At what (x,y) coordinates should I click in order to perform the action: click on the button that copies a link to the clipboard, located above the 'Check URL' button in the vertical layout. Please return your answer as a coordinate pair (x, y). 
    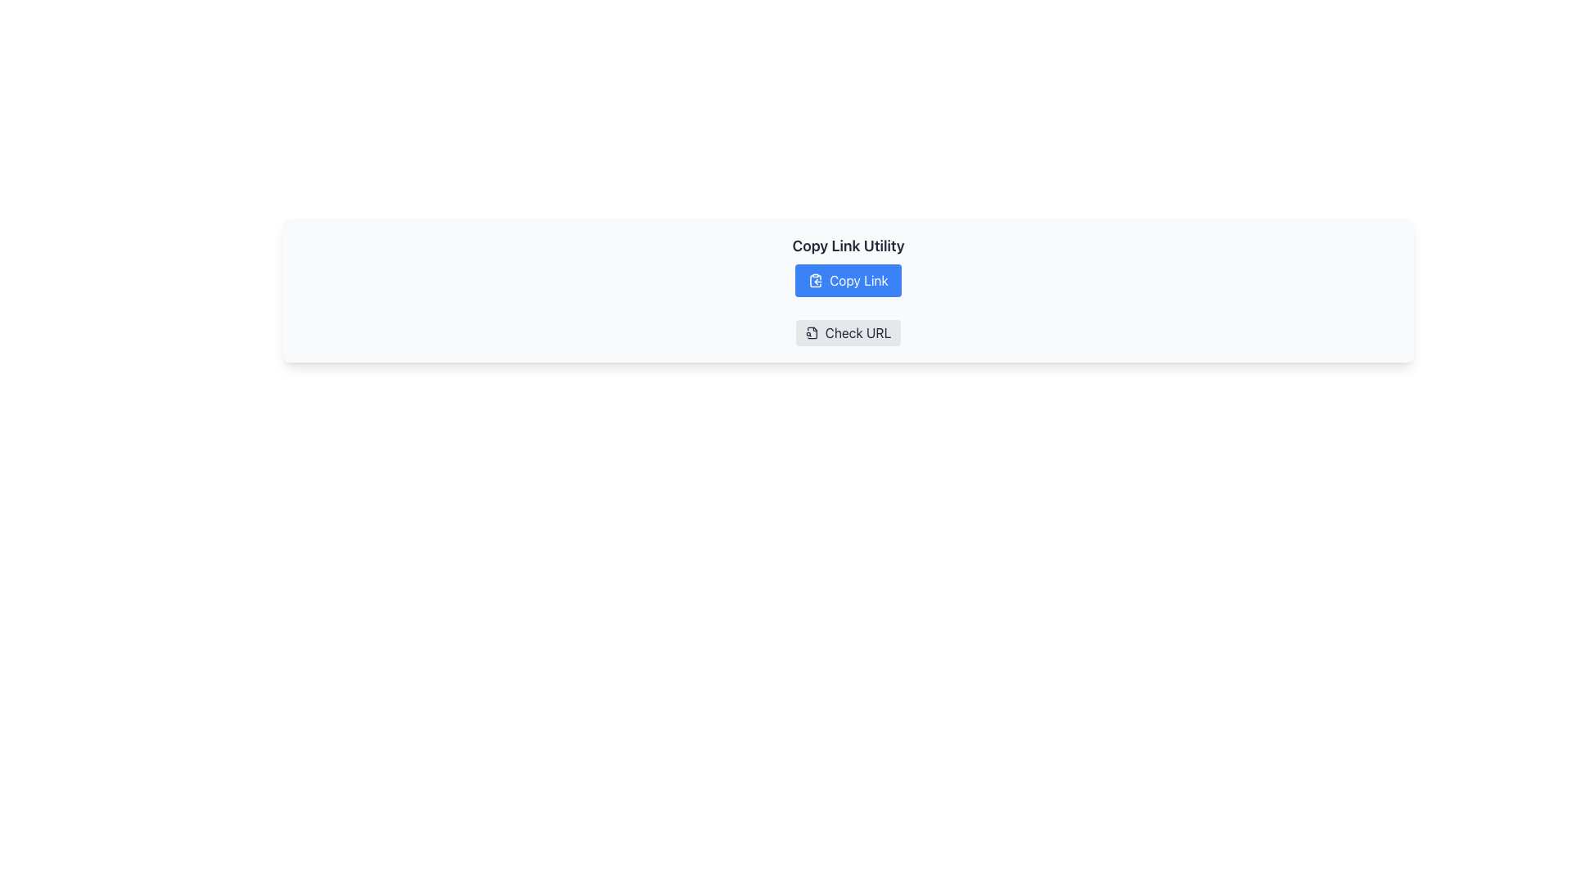
    Looking at the image, I should click on (848, 280).